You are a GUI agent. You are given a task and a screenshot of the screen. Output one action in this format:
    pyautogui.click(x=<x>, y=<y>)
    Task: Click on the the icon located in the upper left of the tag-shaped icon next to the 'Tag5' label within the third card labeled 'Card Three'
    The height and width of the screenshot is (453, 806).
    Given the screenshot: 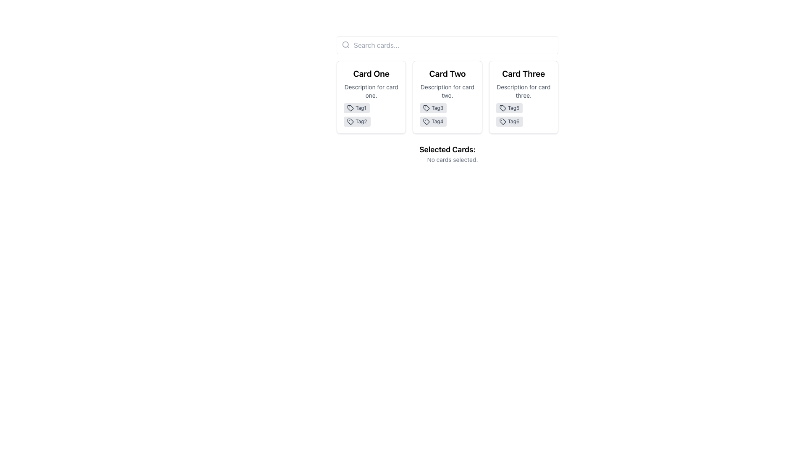 What is the action you would take?
    pyautogui.click(x=502, y=108)
    